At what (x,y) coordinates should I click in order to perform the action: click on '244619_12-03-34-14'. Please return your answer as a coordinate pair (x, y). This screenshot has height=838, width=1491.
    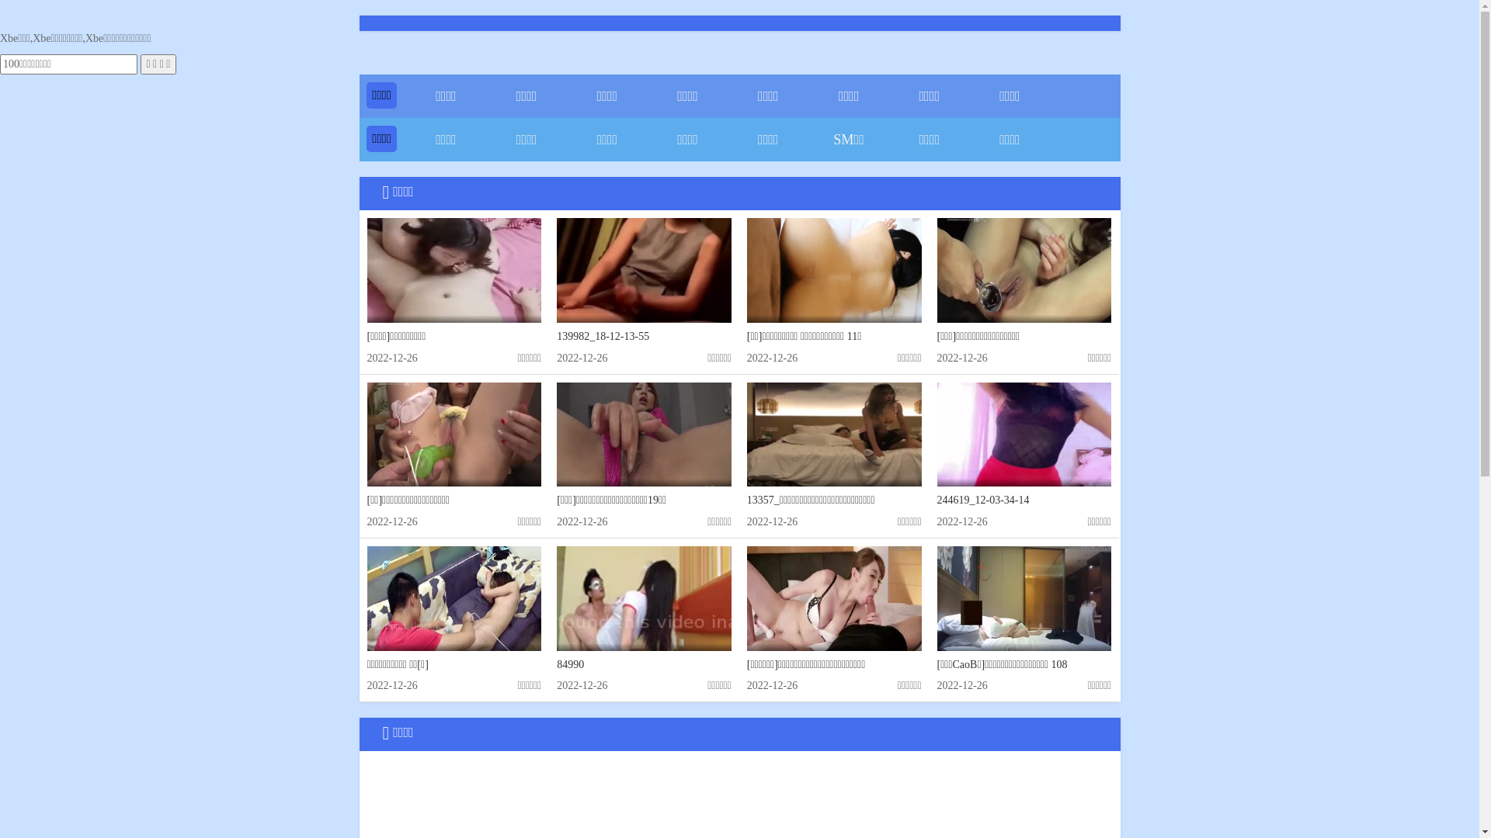
    Looking at the image, I should click on (982, 500).